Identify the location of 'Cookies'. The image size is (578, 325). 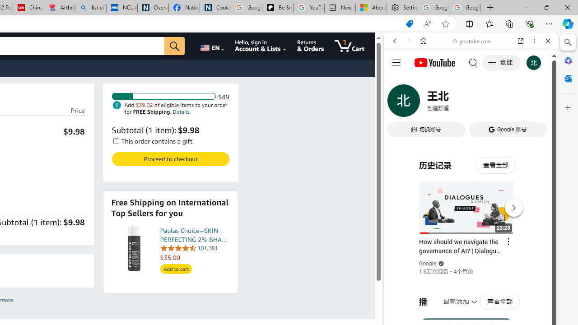
(214, 8).